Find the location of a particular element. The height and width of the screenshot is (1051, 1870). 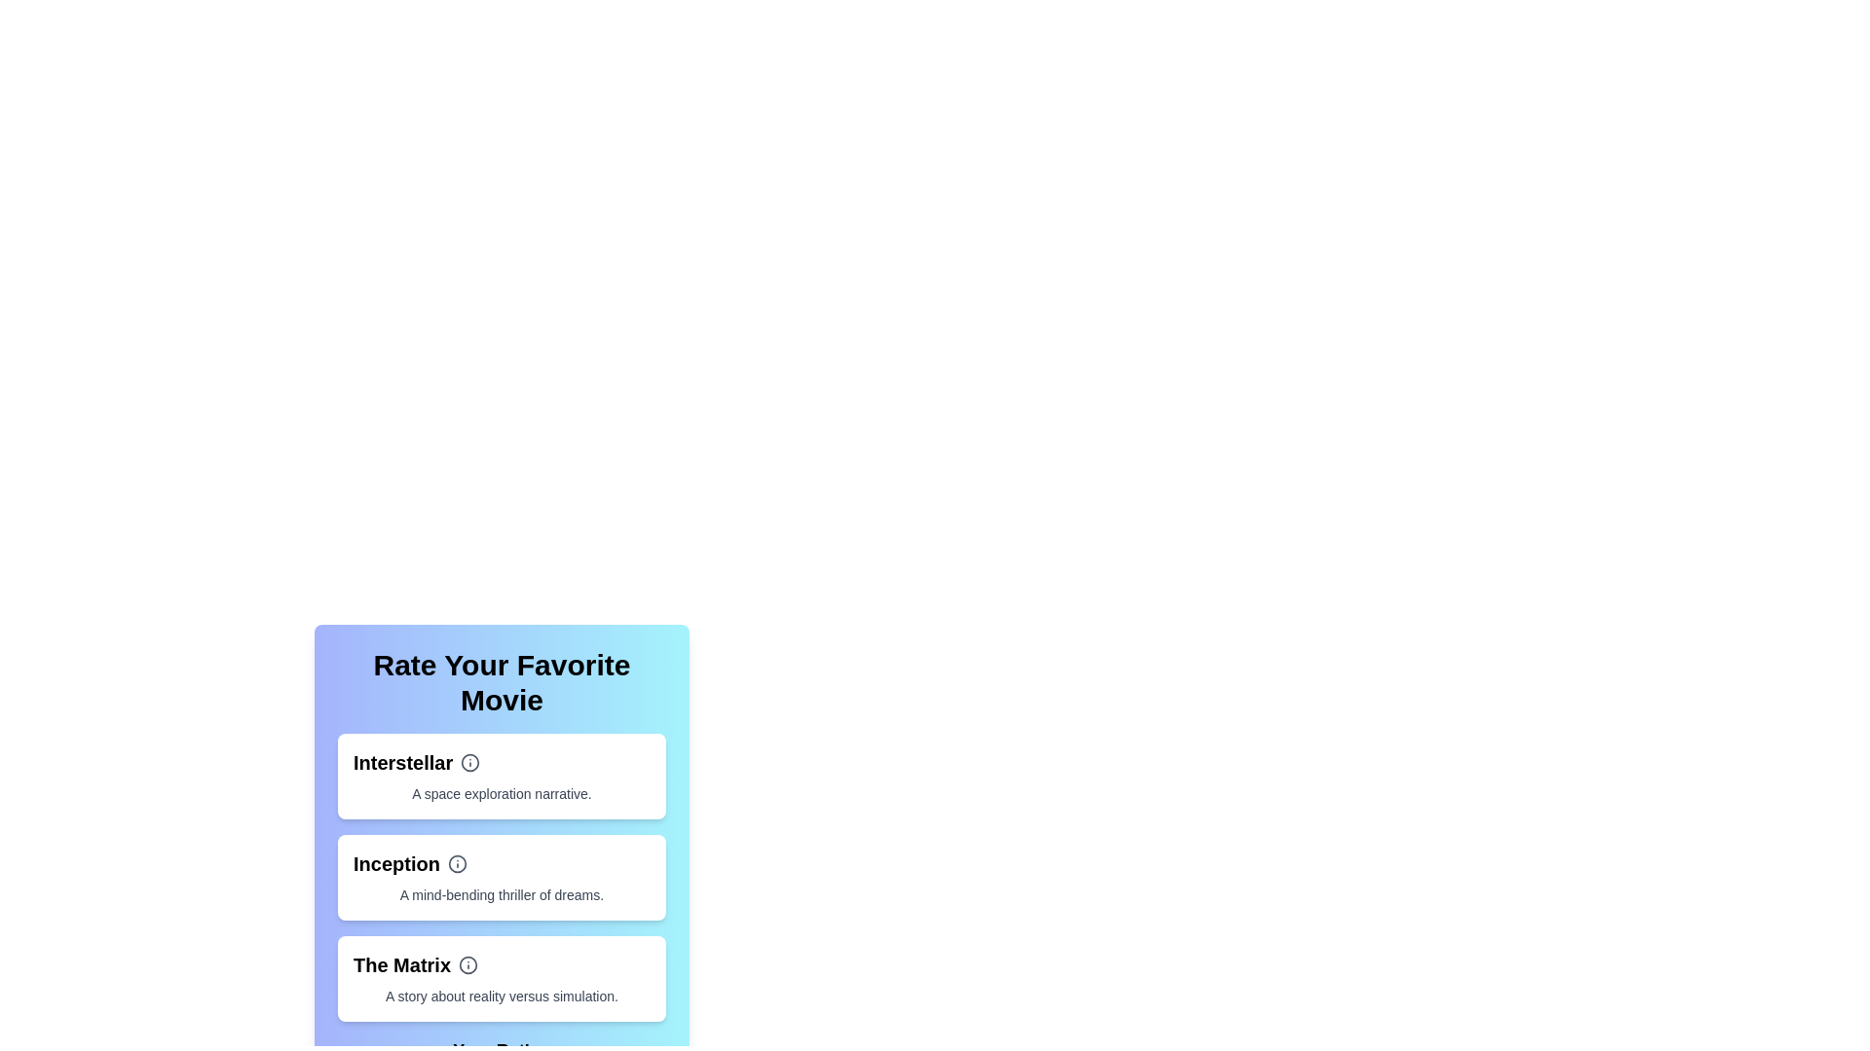

text label that says 'A space exploration narrative.' located under the 'Interstellar' heading in a small, gray font is located at coordinates (502, 794).